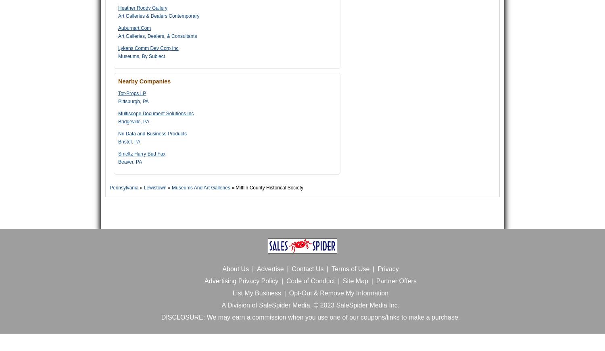 This screenshot has height=351, width=605. What do you see at coordinates (355, 280) in the screenshot?
I see `'Site Map'` at bounding box center [355, 280].